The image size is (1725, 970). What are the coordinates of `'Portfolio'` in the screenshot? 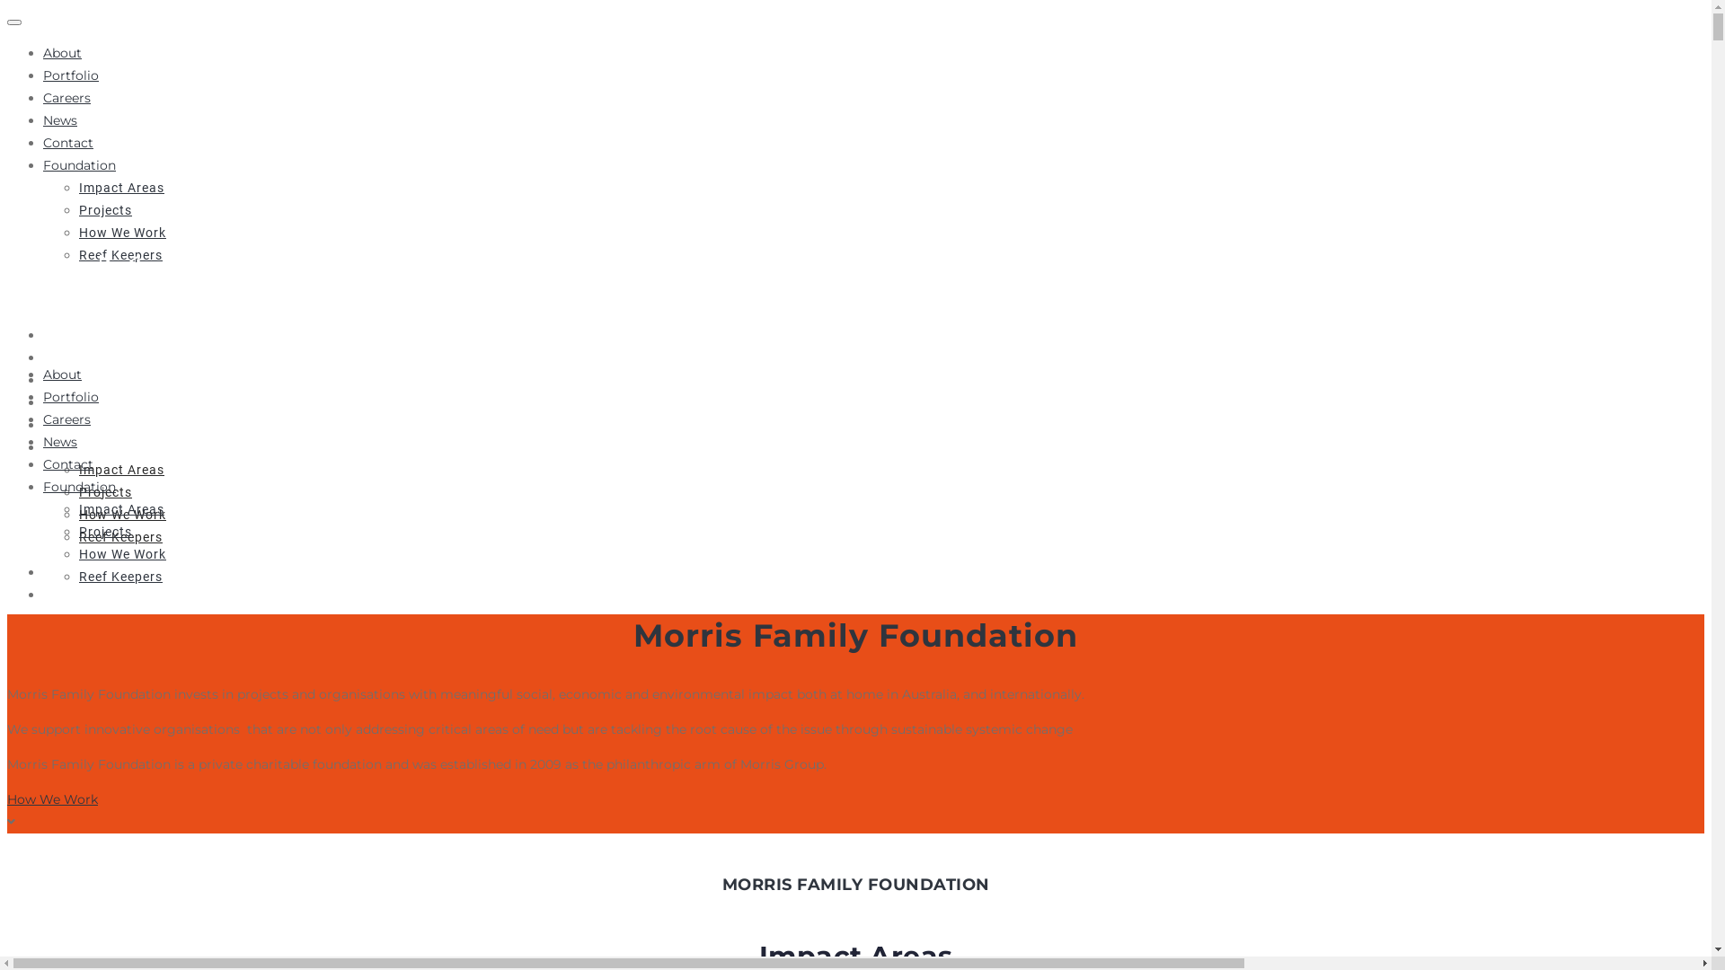 It's located at (74, 357).